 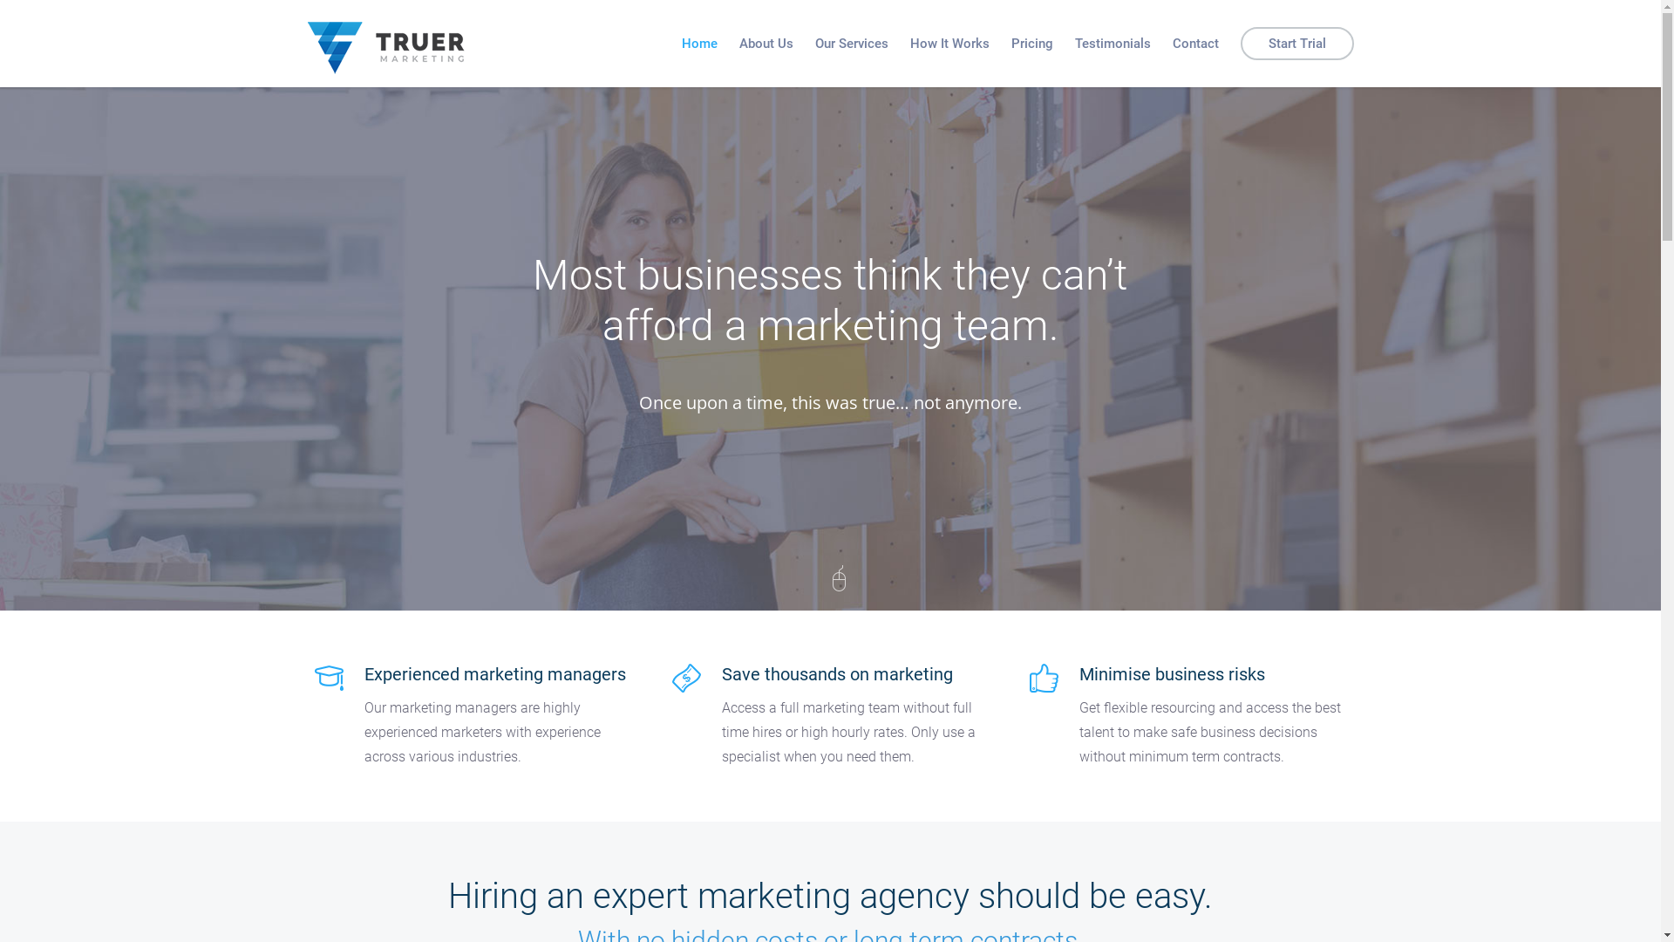 What do you see at coordinates (813, 43) in the screenshot?
I see `'Our Services'` at bounding box center [813, 43].